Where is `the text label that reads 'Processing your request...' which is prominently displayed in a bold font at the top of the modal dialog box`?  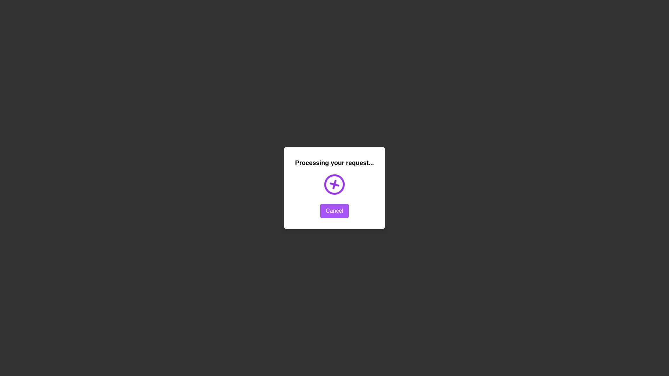
the text label that reads 'Processing your request...' which is prominently displayed in a bold font at the top of the modal dialog box is located at coordinates (334, 163).